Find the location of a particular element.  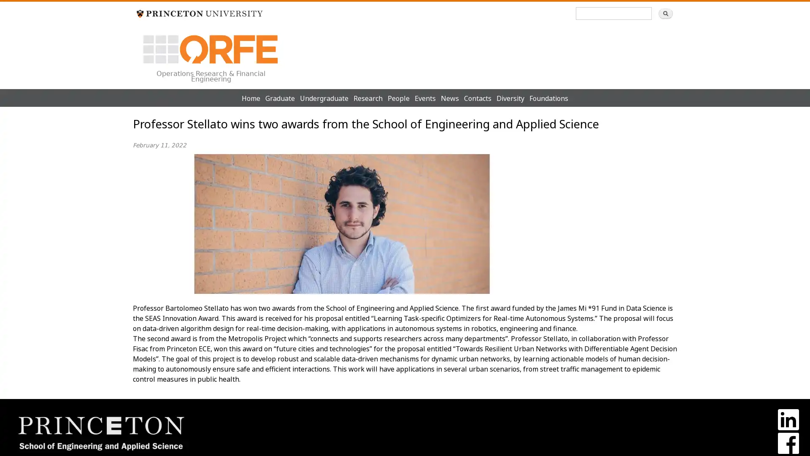

Search is located at coordinates (665, 14).